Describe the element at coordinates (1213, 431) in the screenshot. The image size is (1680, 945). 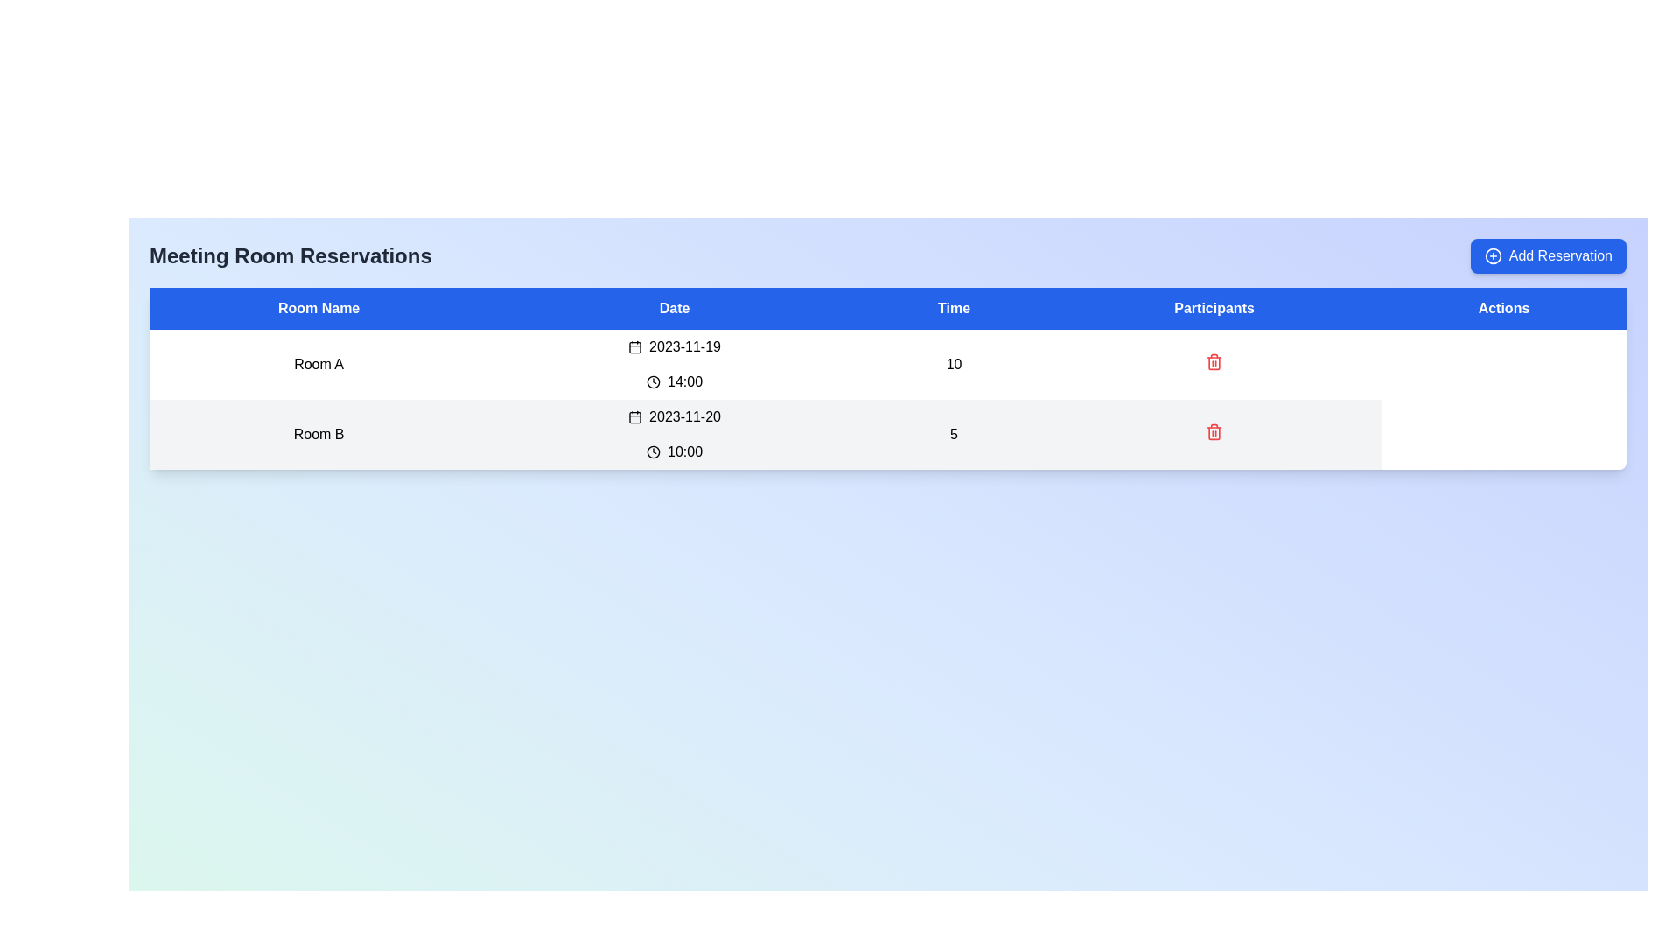
I see `the delete icon button located under the 'Actions' column in the second row of the table` at that location.